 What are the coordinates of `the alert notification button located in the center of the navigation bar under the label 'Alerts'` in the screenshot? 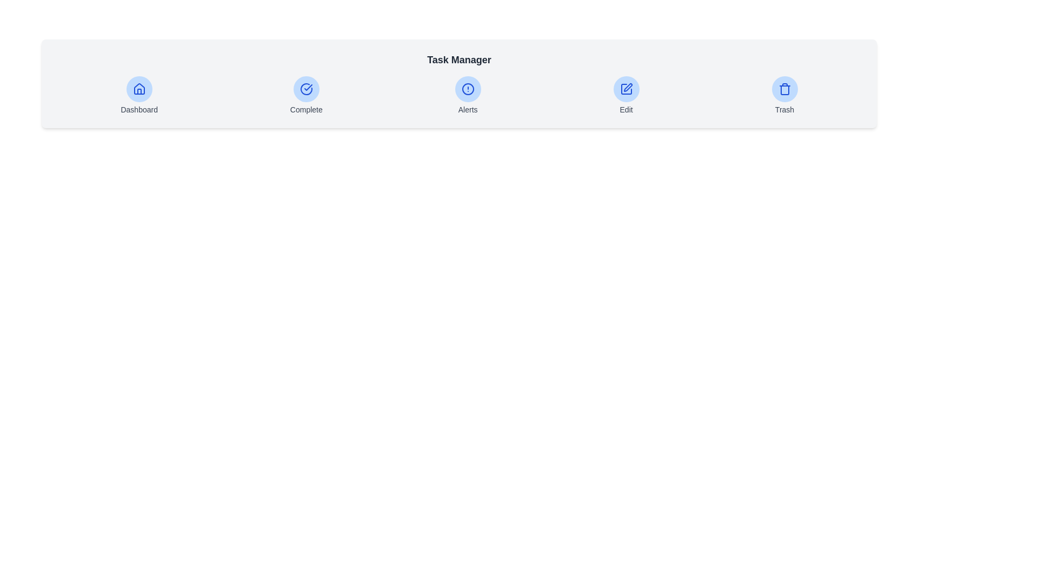 It's located at (468, 89).